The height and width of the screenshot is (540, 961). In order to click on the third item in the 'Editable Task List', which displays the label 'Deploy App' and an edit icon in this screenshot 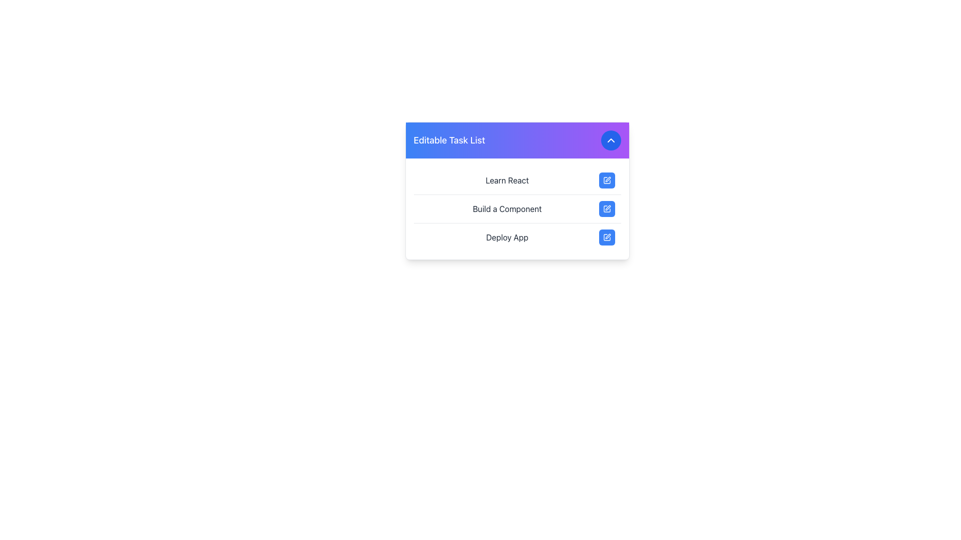, I will do `click(517, 237)`.